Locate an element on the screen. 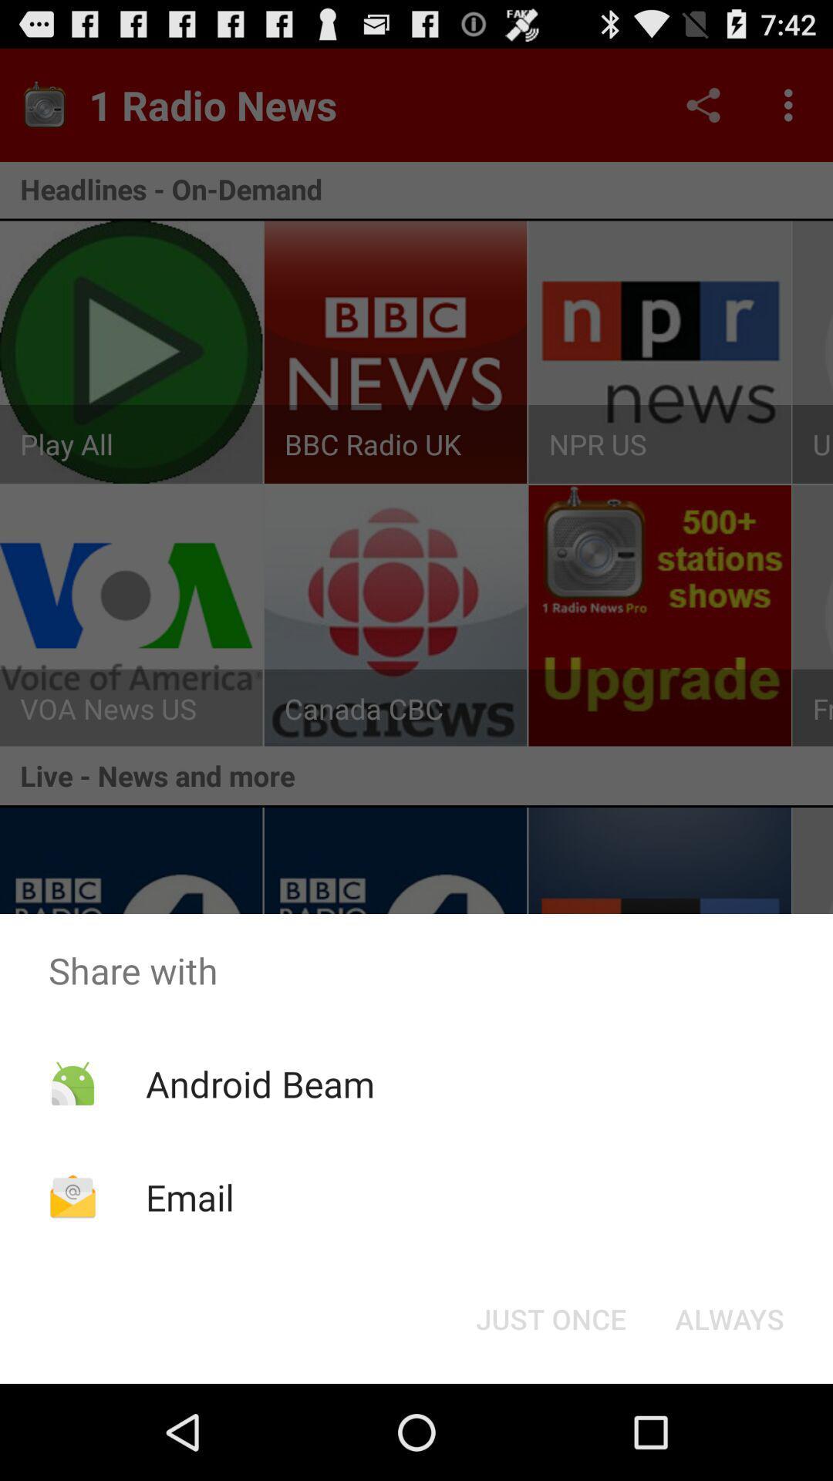 This screenshot has width=833, height=1481. the icon next to always button is located at coordinates (550, 1317).